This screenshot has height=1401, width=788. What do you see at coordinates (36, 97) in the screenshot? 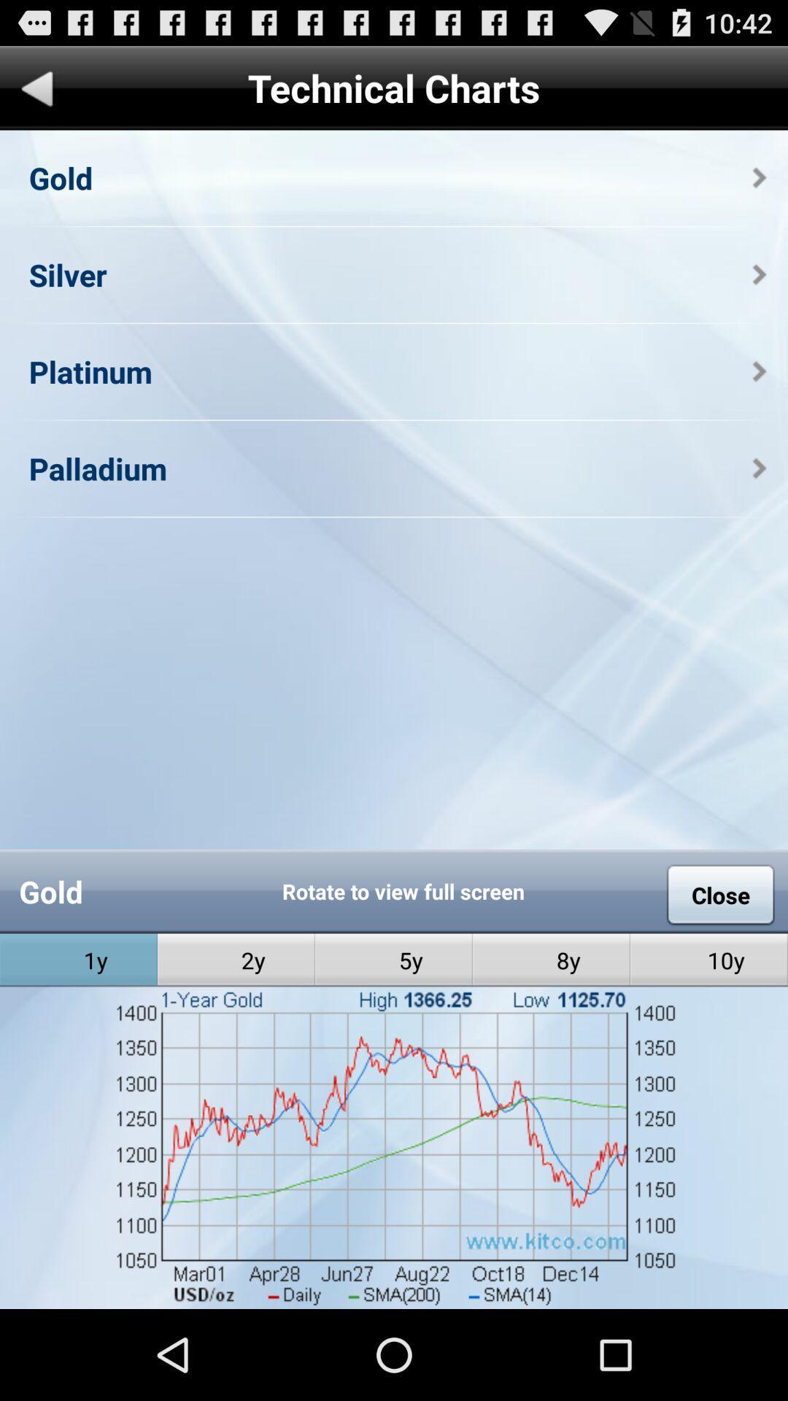
I see `the arrow_backward icon` at bounding box center [36, 97].